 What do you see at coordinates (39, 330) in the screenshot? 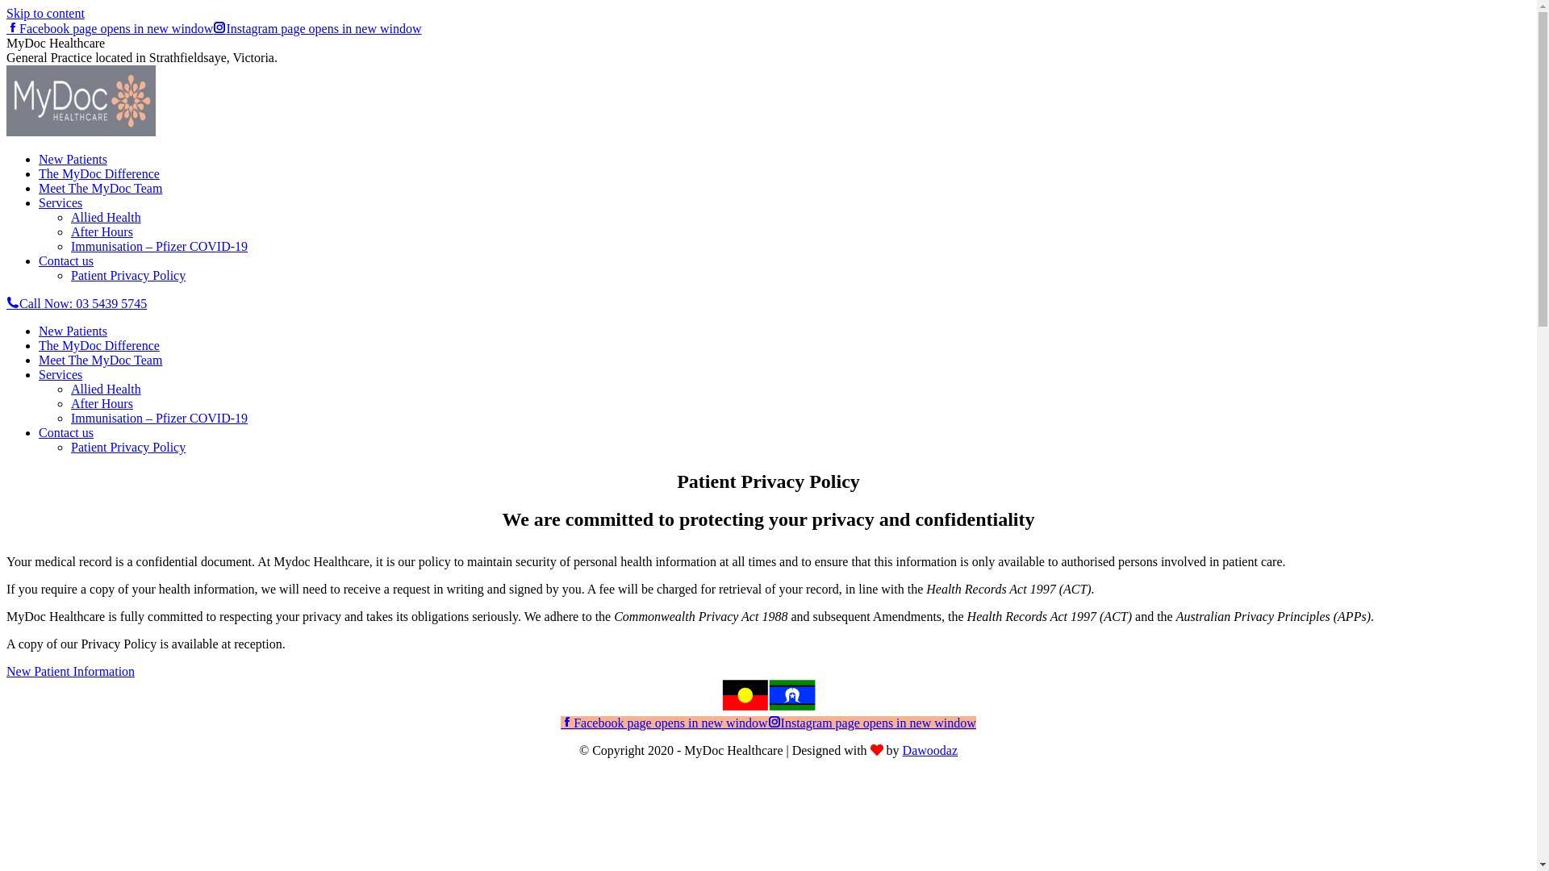
I see `'New Patients'` at bounding box center [39, 330].